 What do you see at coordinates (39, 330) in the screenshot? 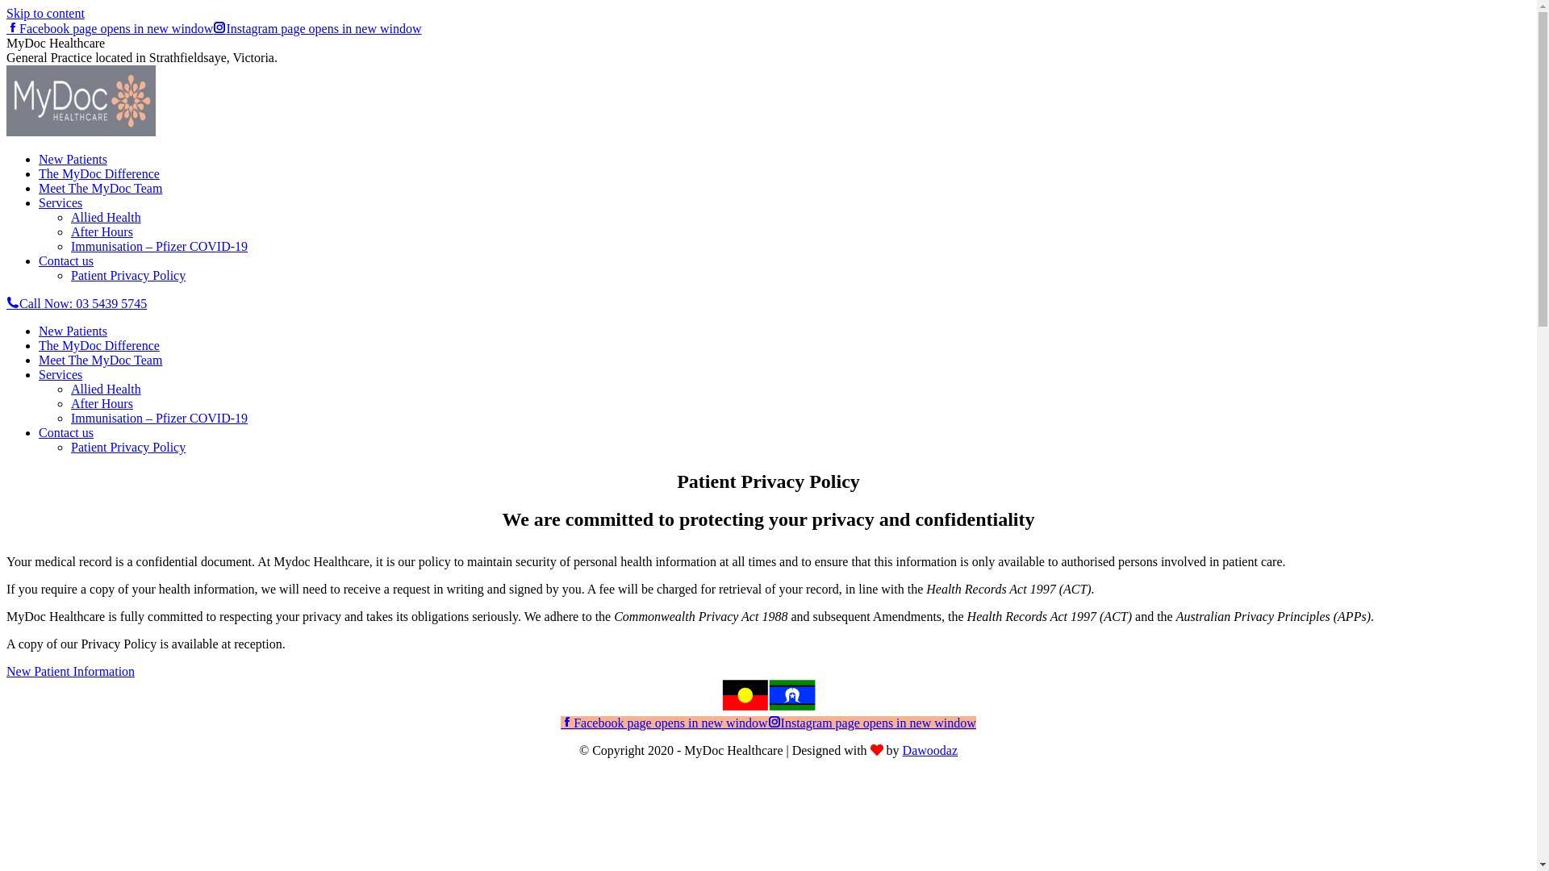
I see `'New Patients'` at bounding box center [39, 330].